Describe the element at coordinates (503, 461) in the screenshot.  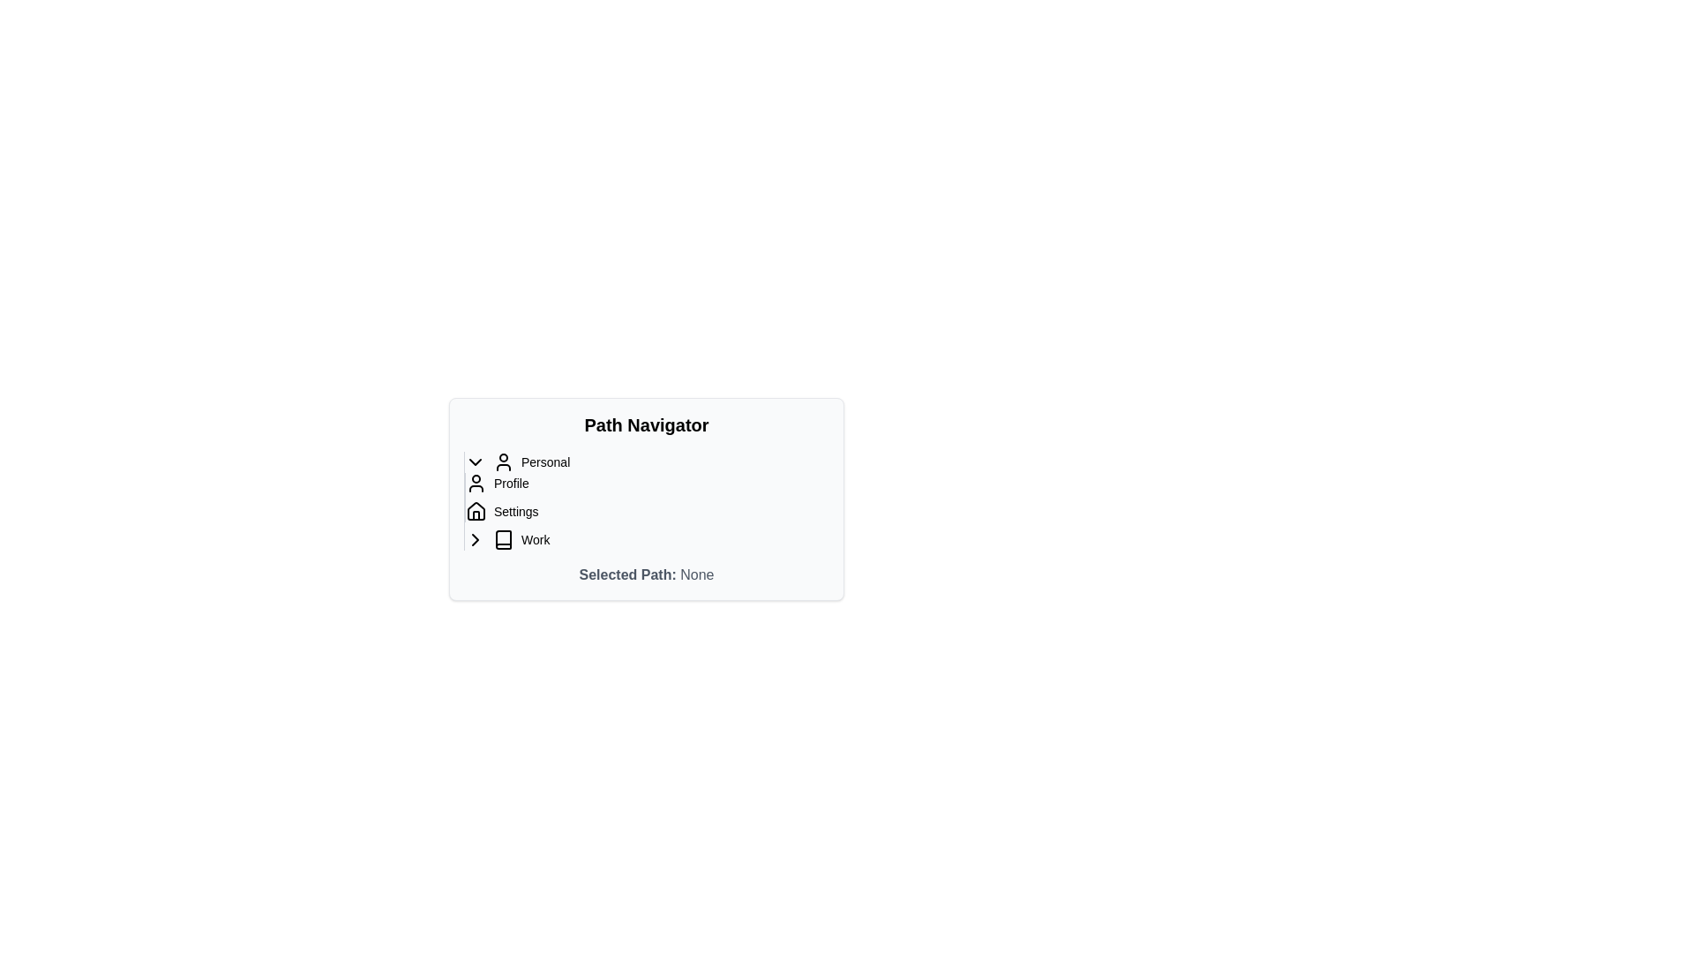
I see `the user silhouette icon located within the 'Personal' menu item` at that location.